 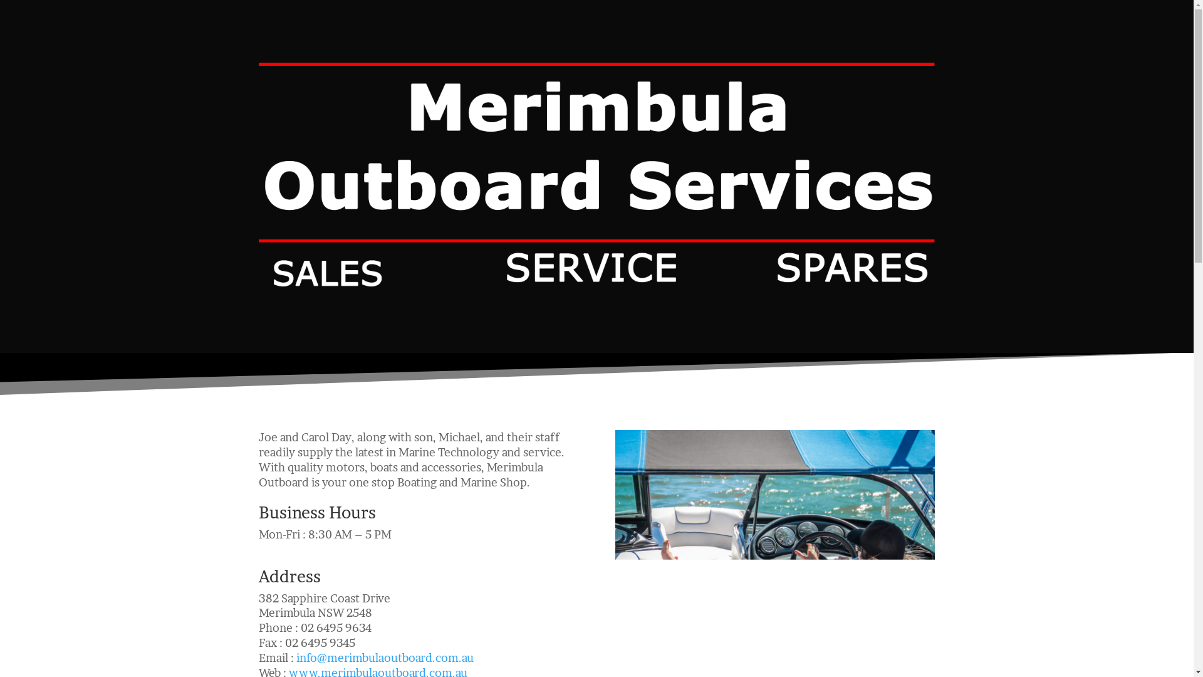 I want to click on 'info@merimbulaoutboard.com.au', so click(x=383, y=657).